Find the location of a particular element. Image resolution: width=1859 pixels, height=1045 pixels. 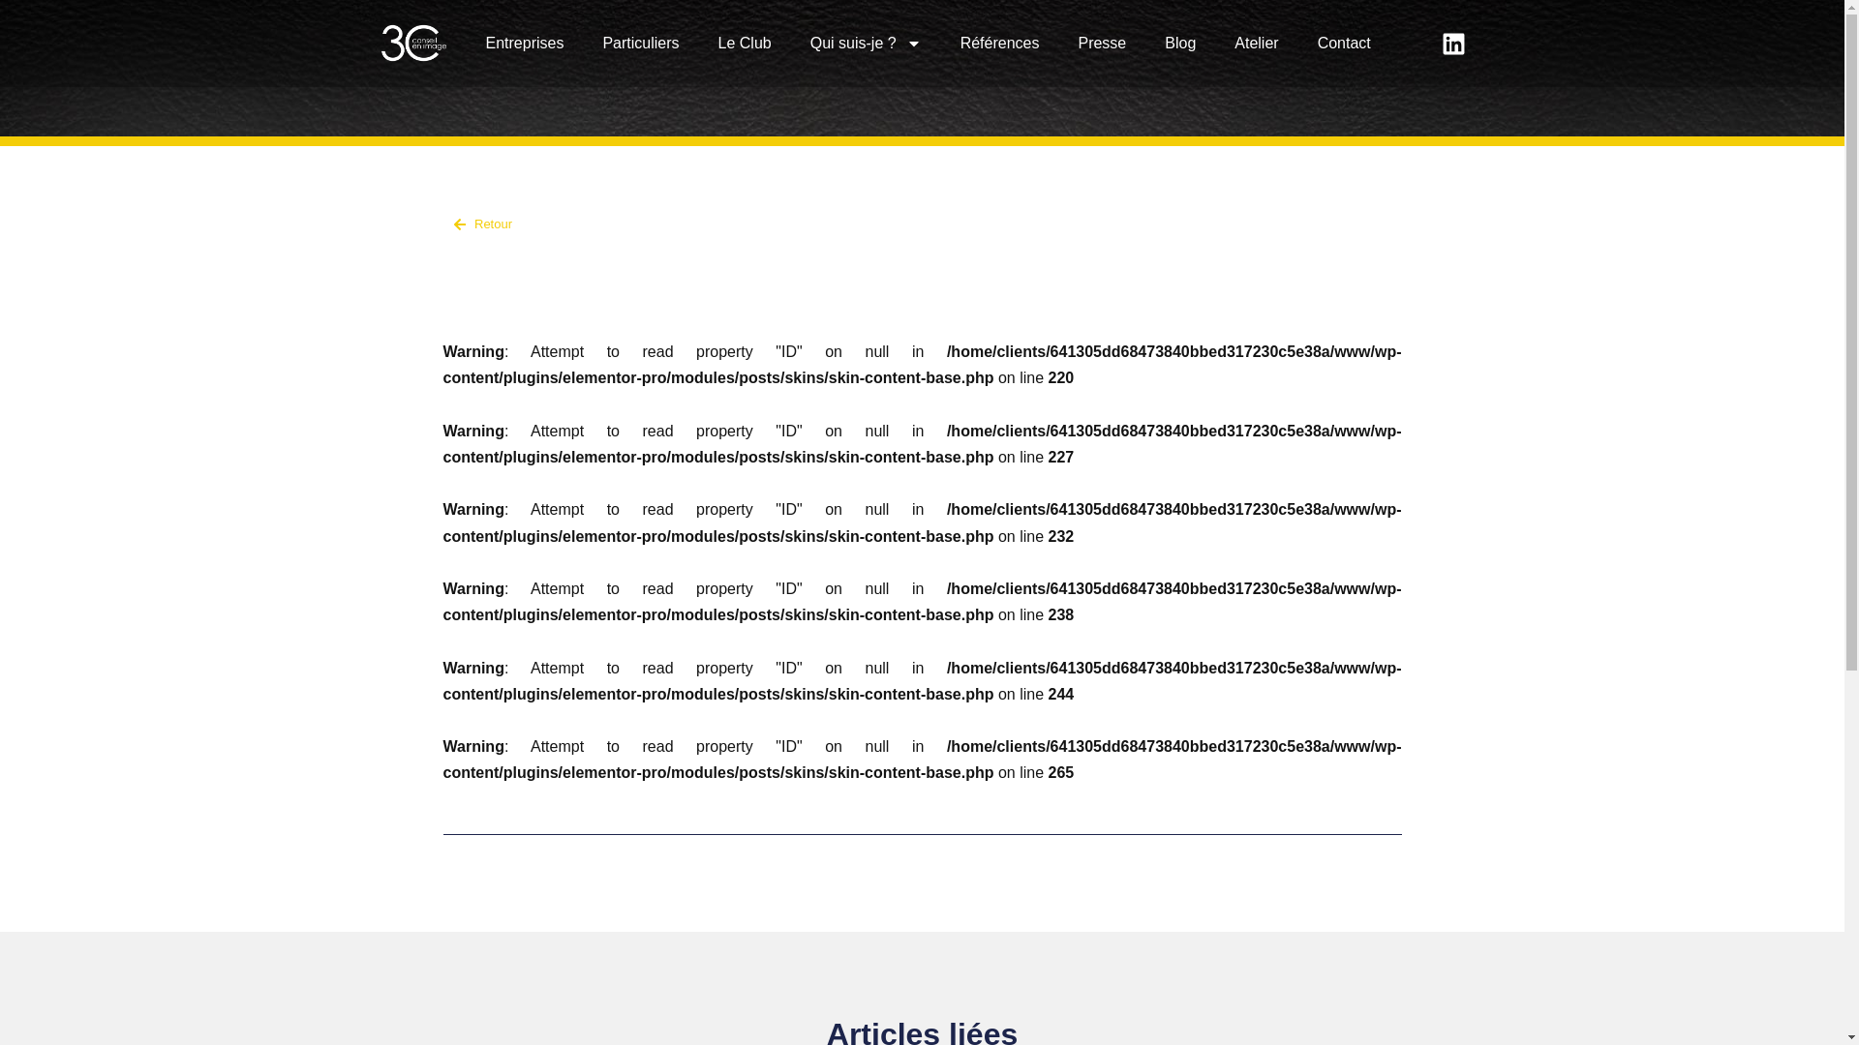

'Atelier' is located at coordinates (1256, 44).